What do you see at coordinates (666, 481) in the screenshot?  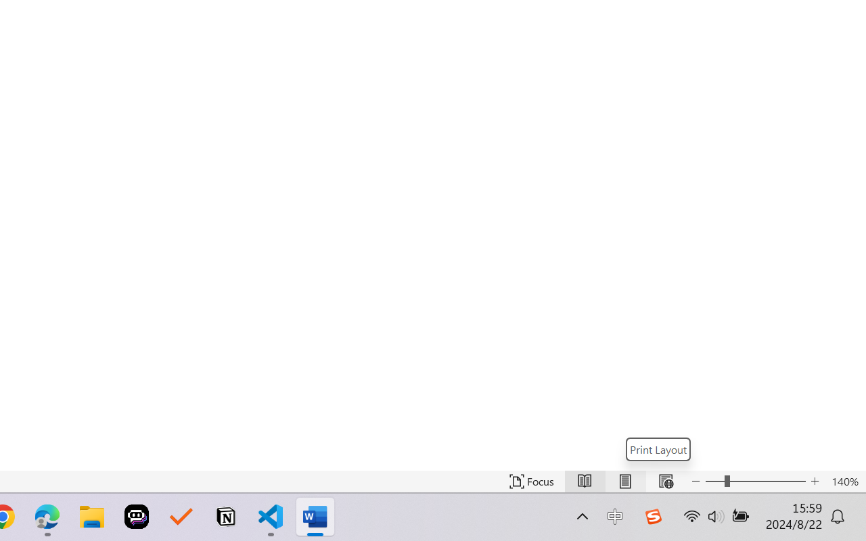 I see `'Web Layout'` at bounding box center [666, 481].